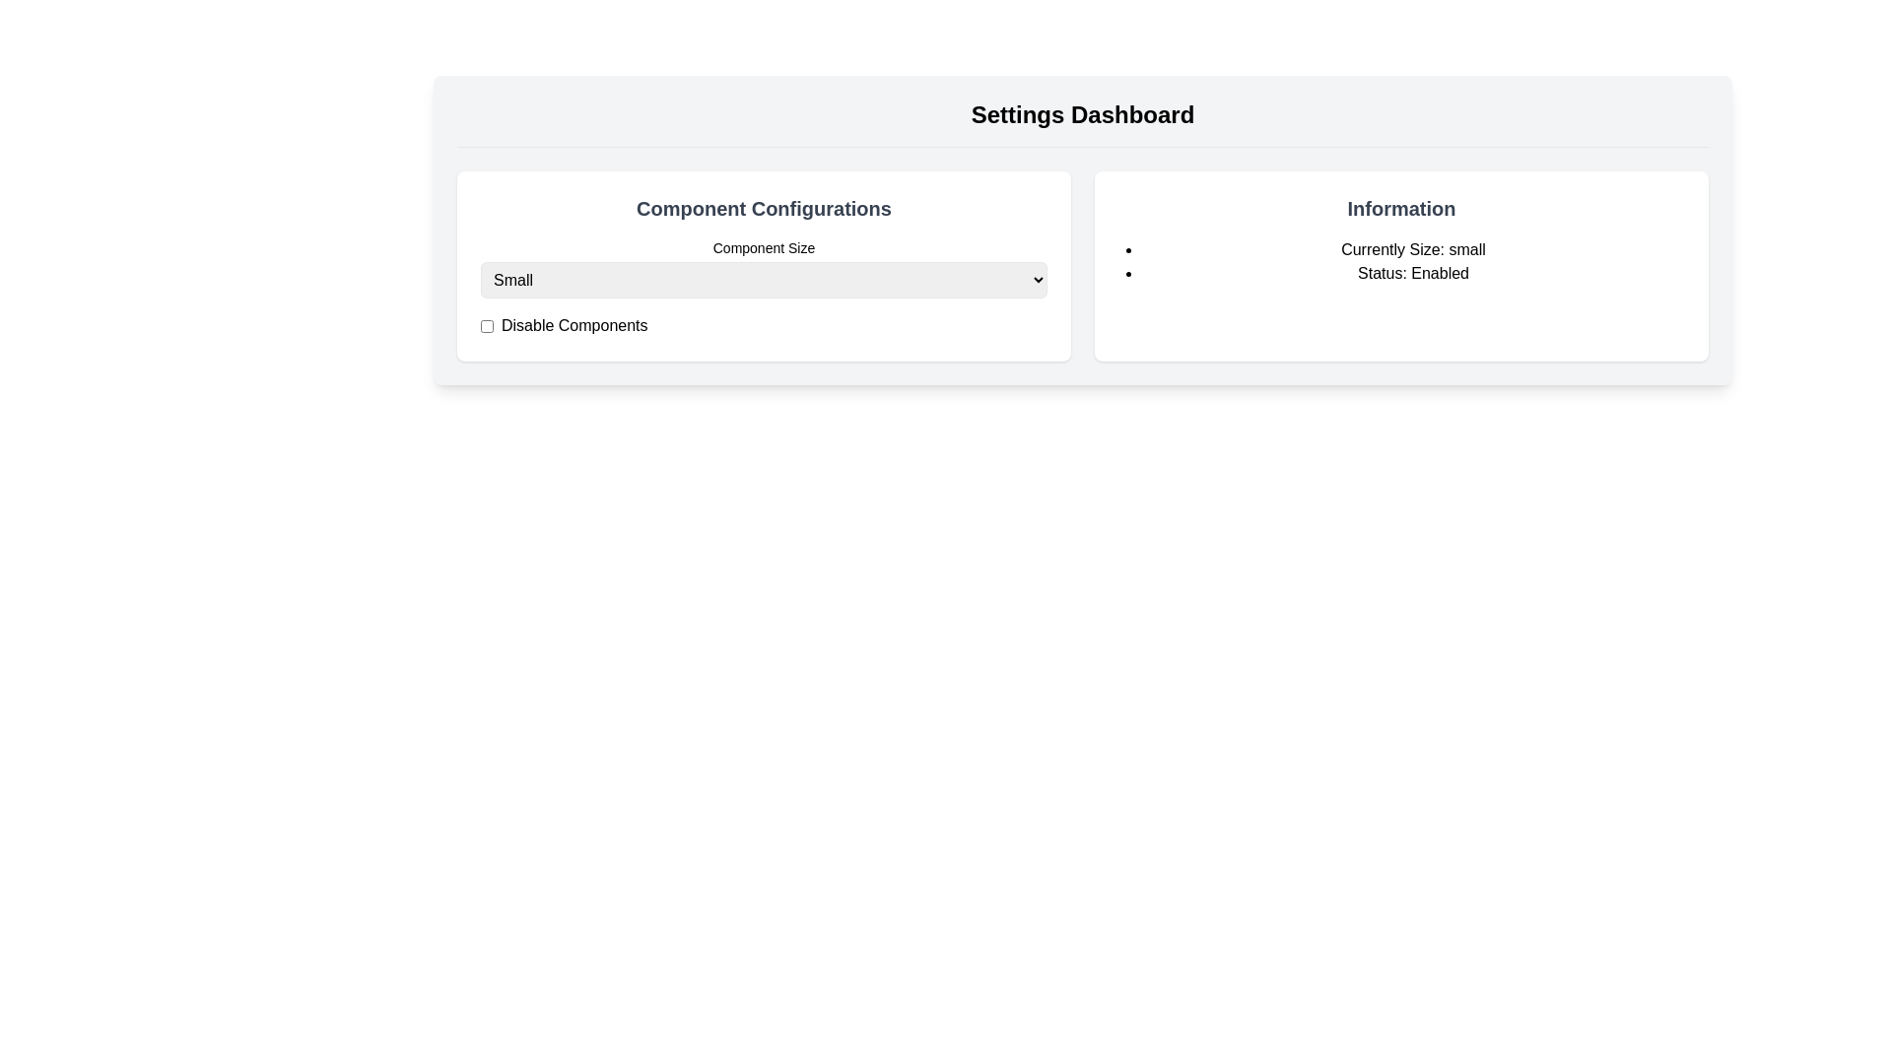  Describe the element at coordinates (1400, 261) in the screenshot. I see `the List item group in the 'Information' section that displays key data points related to the current state of a setting, specifically the size and status` at that location.